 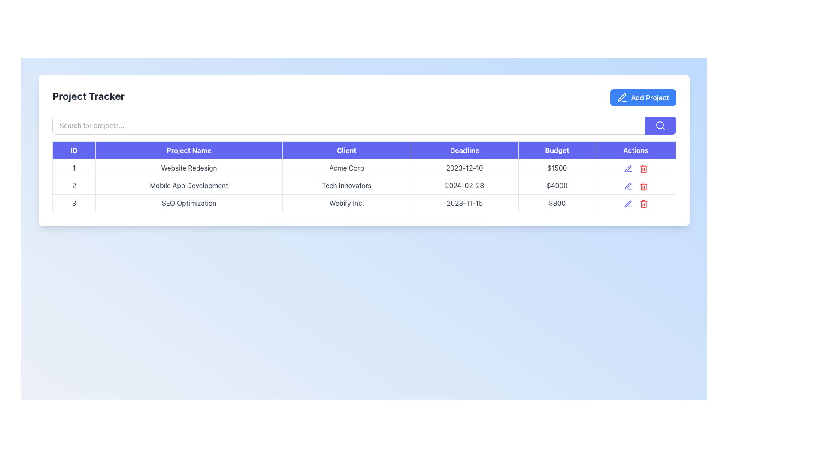 I want to click on the Text Display element that shows the project name in the third row of the table, located between the 'ID' column with text '3' and the 'Client' column with text 'Webify Inc.', so click(x=188, y=203).